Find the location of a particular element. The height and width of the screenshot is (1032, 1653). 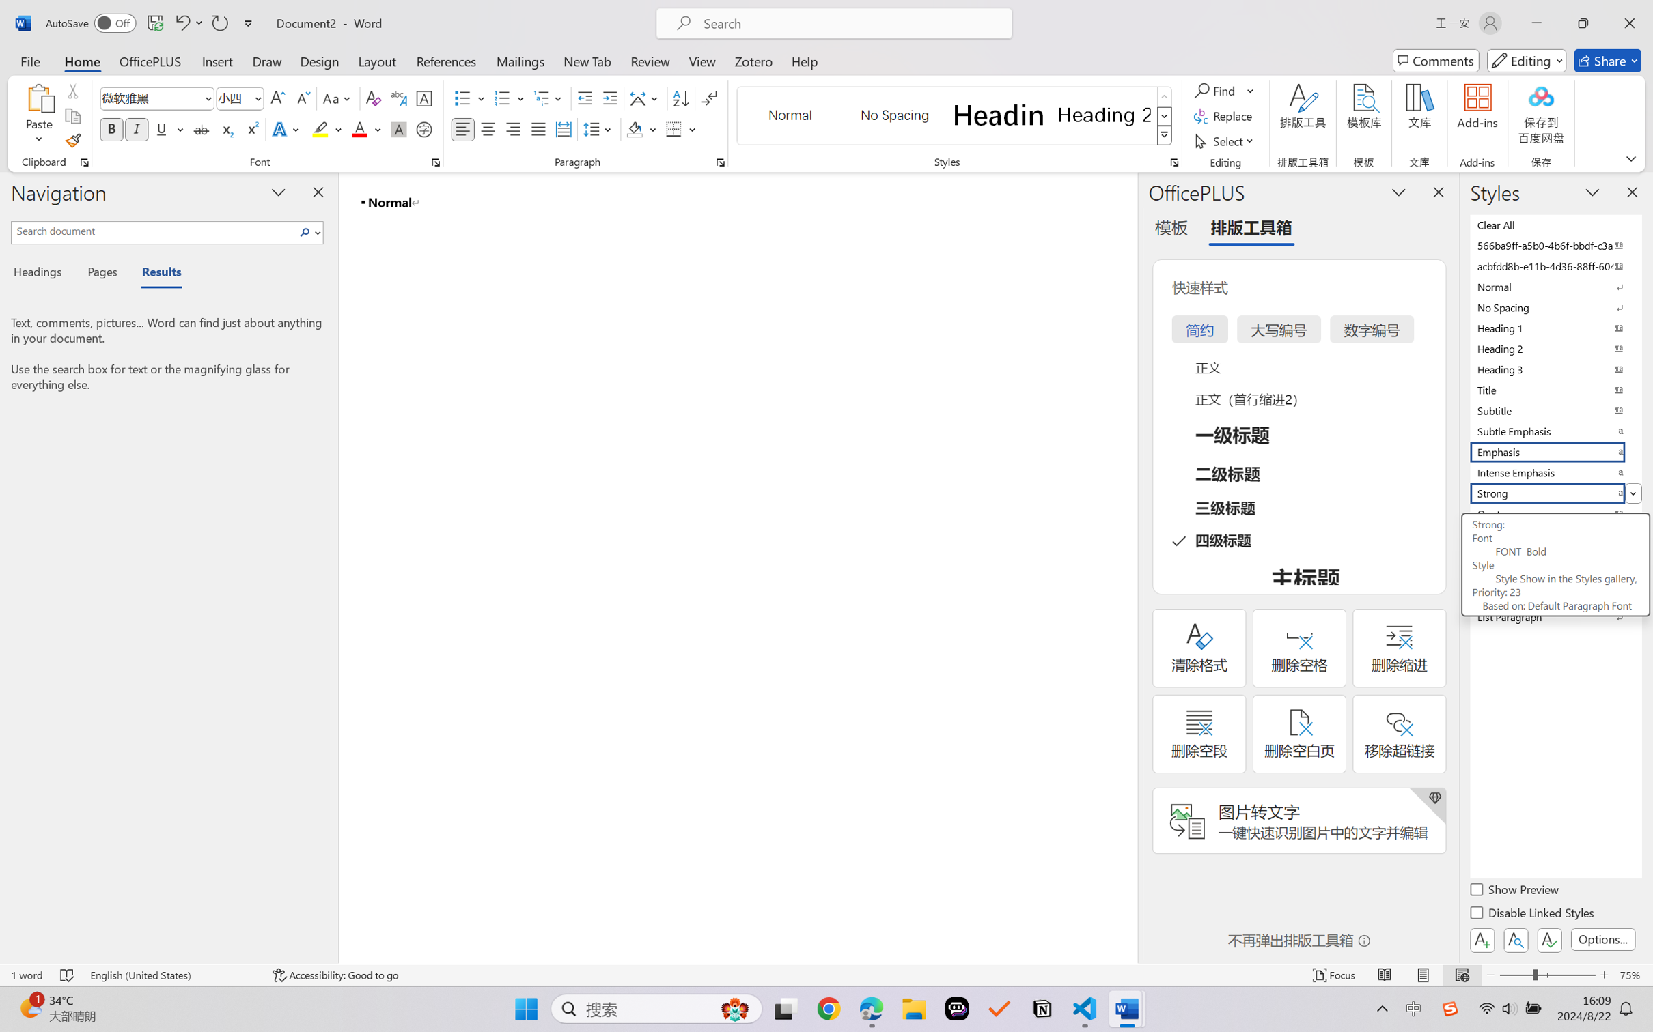

'Show Preview' is located at coordinates (1515, 891).